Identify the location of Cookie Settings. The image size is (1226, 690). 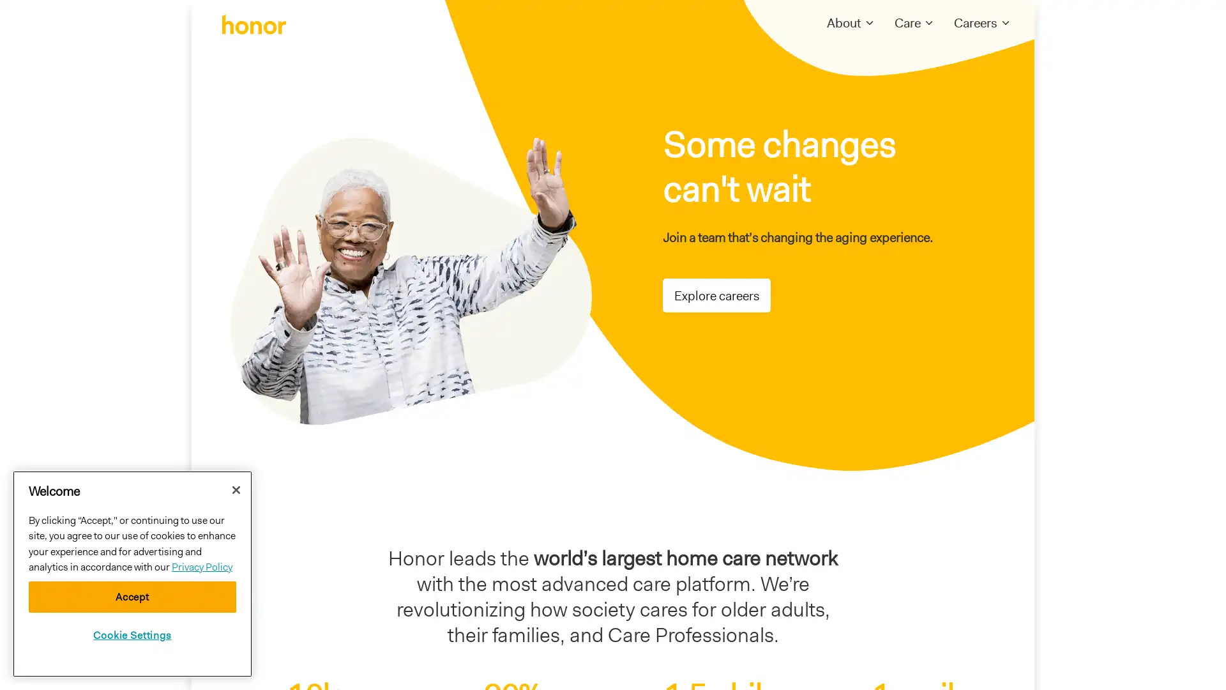
(132, 635).